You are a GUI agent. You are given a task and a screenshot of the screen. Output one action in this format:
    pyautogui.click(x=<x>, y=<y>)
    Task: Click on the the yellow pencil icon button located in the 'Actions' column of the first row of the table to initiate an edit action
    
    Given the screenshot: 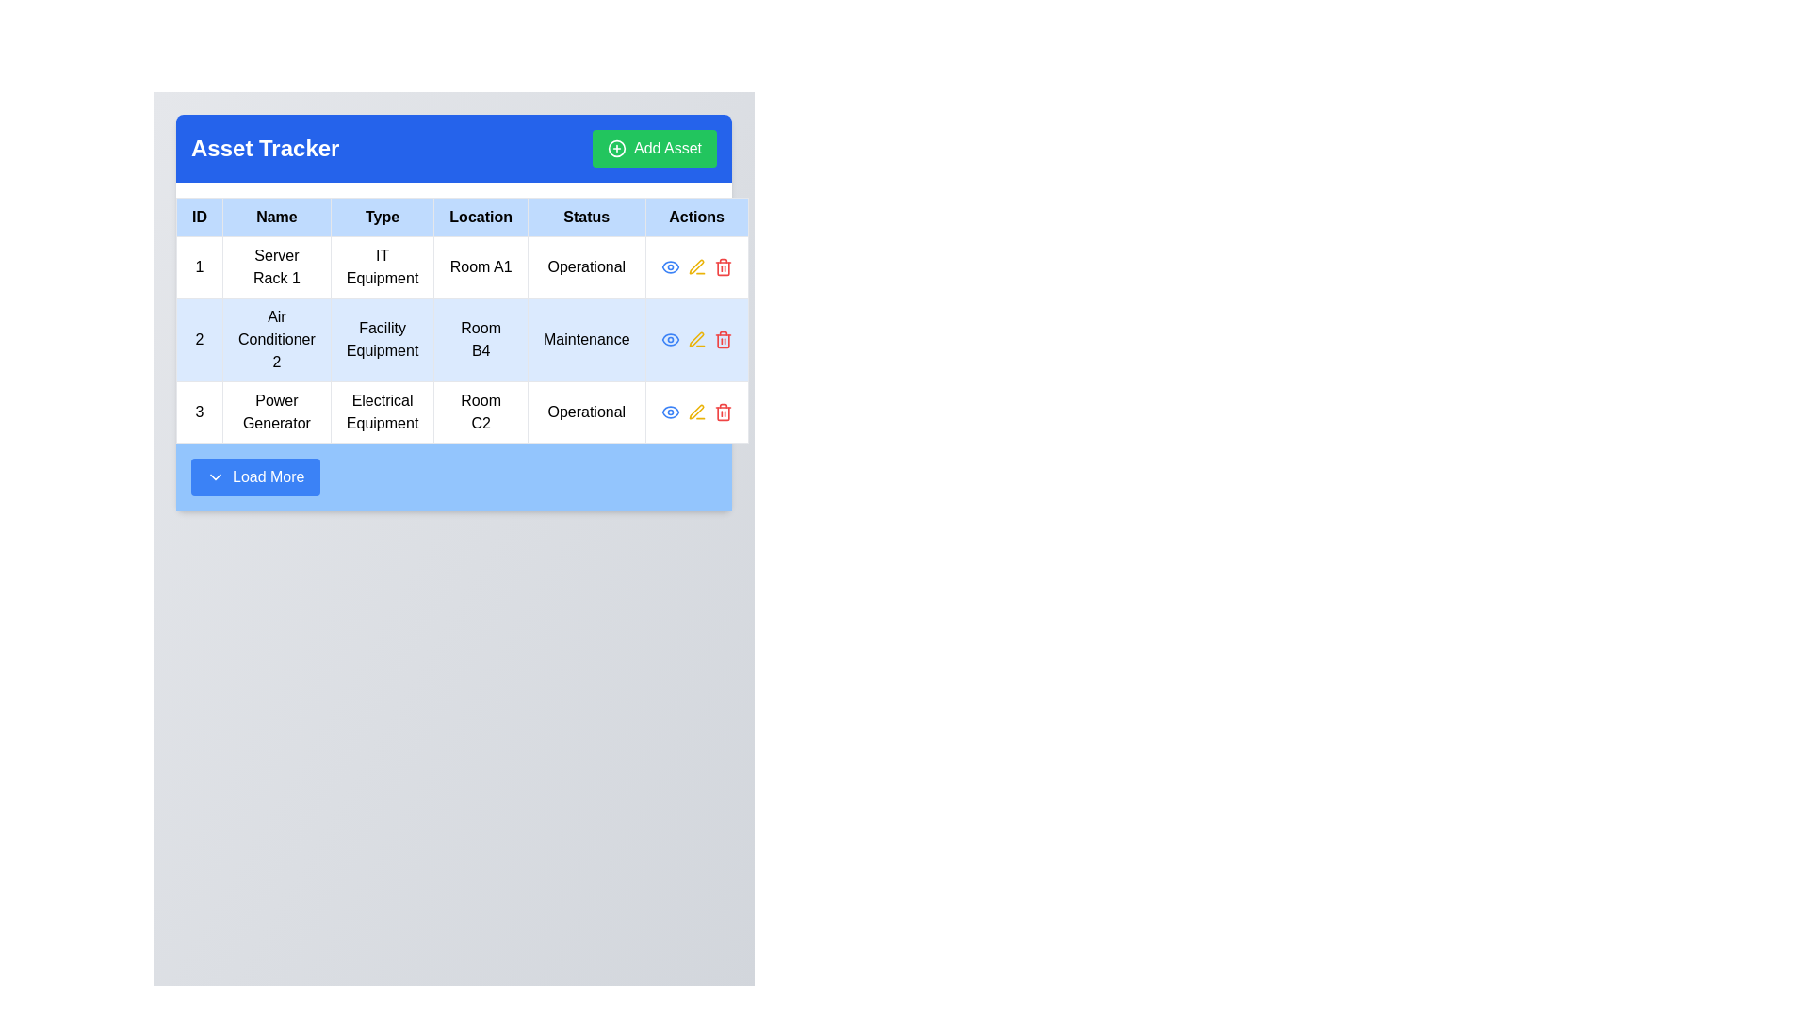 What is the action you would take?
    pyautogui.click(x=695, y=267)
    